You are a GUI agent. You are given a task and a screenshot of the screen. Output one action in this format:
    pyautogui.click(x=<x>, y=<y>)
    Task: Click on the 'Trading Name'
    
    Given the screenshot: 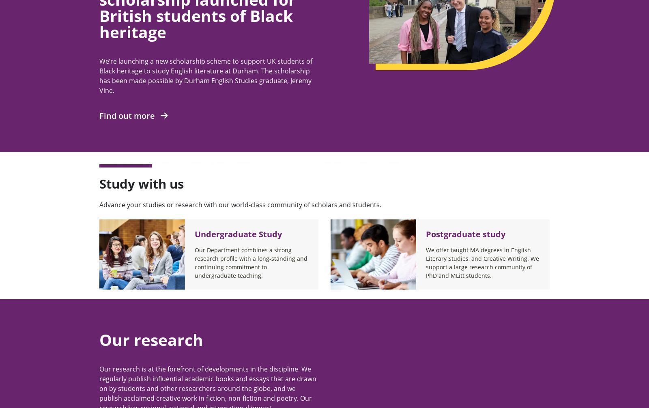 What is the action you would take?
    pyautogui.click(x=435, y=150)
    